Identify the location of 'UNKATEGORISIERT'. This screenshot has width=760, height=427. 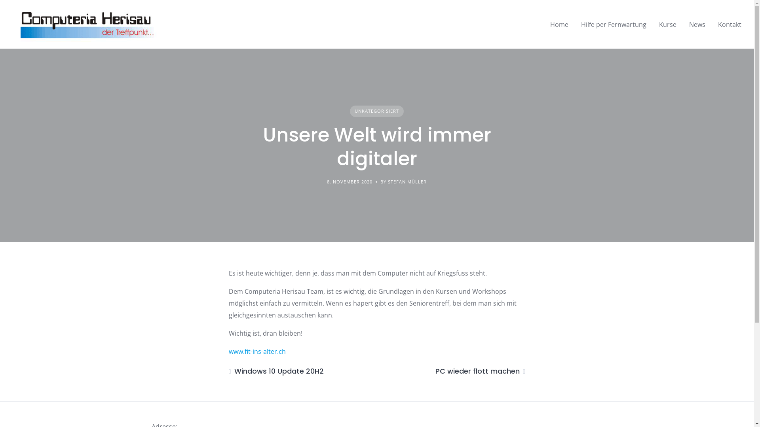
(376, 111).